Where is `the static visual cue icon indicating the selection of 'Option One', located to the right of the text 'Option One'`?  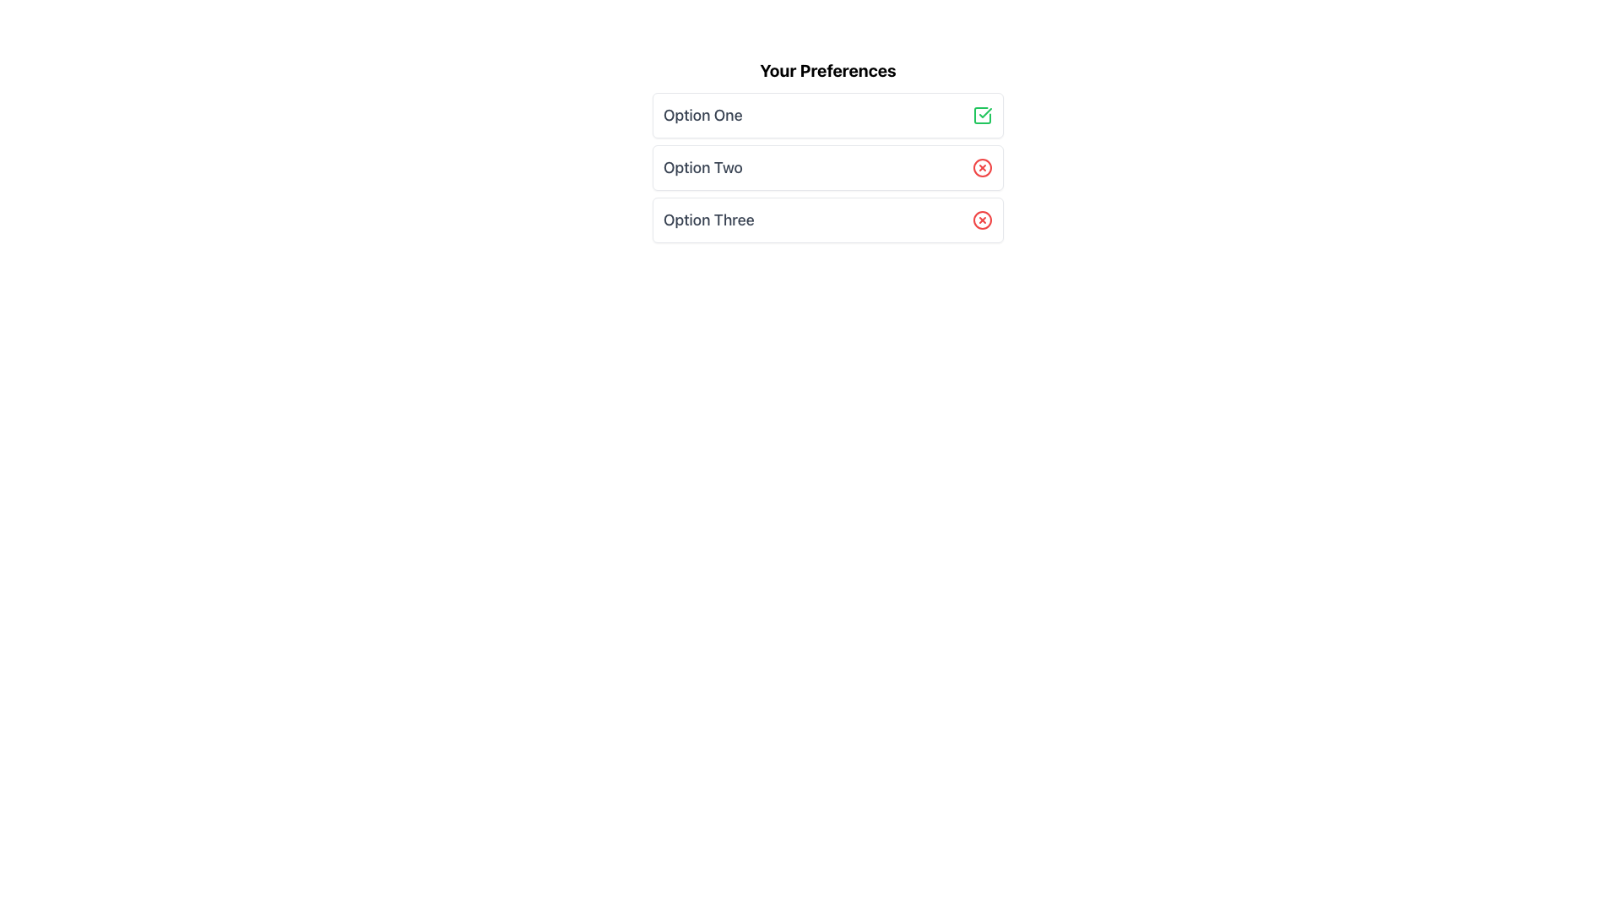
the static visual cue icon indicating the selection of 'Option One', located to the right of the text 'Option One' is located at coordinates (982, 115).